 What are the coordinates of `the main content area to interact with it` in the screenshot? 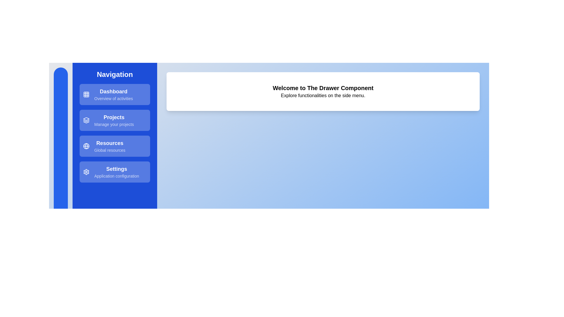 It's located at (323, 221).